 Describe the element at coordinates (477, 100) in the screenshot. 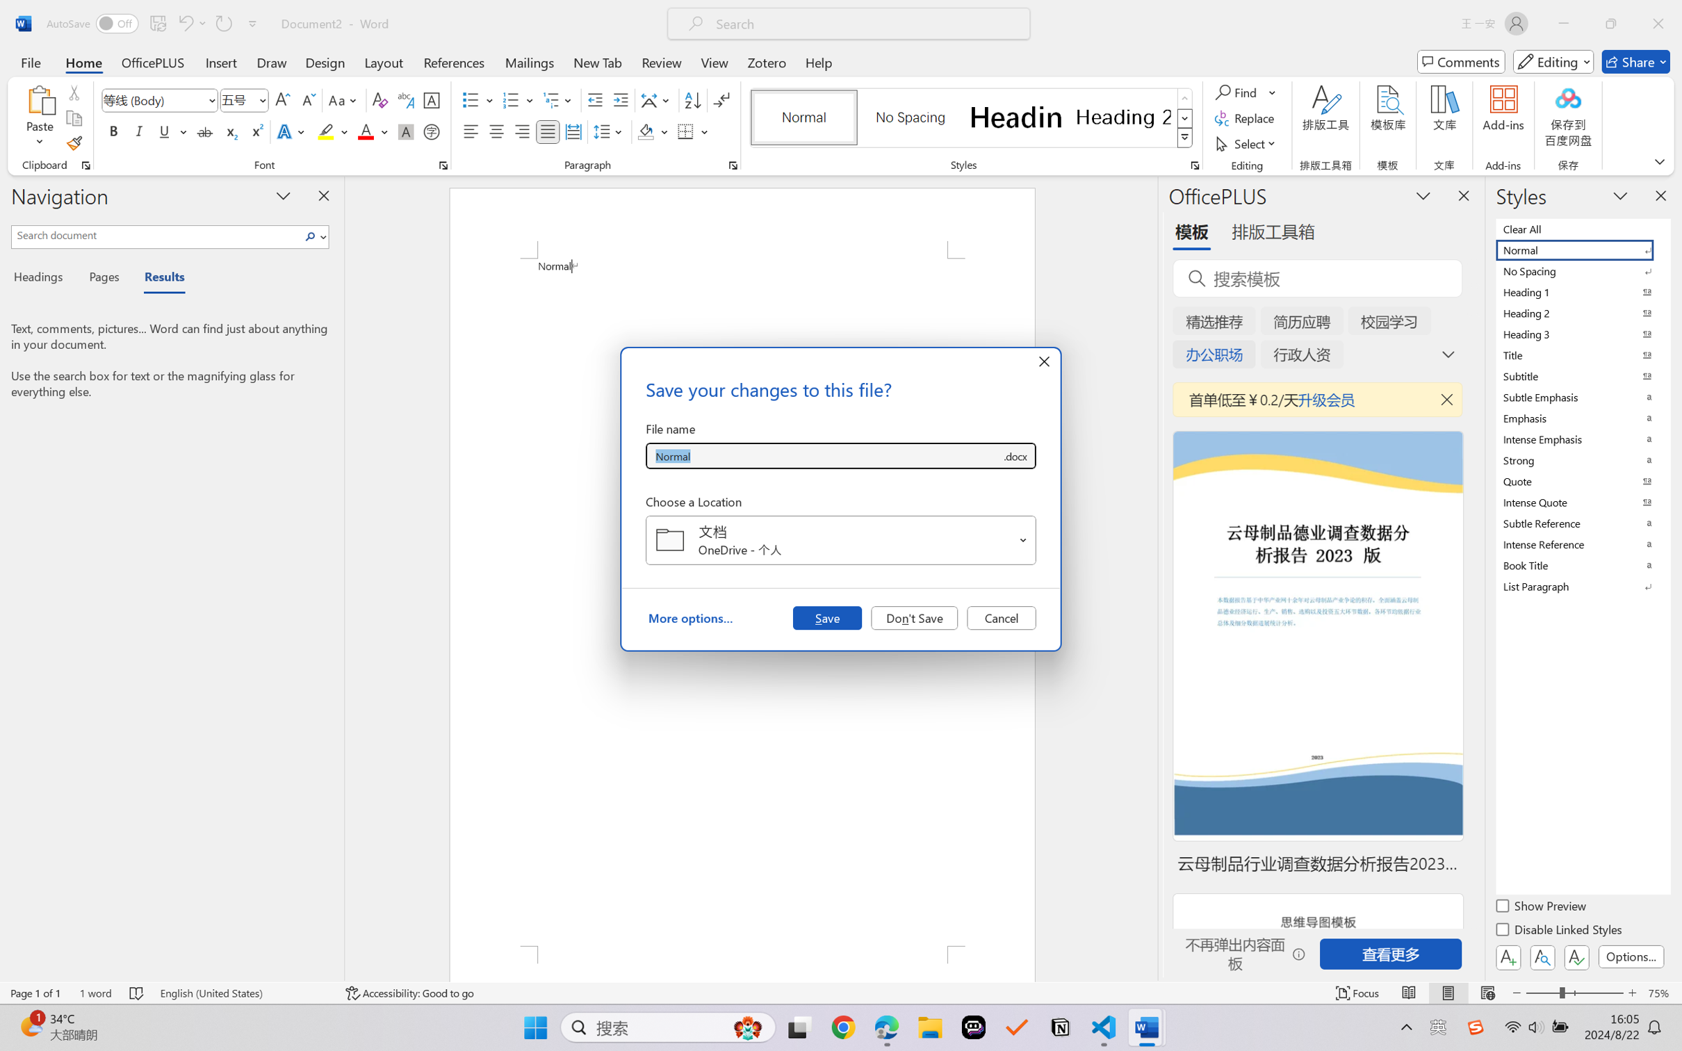

I see `'Bullets'` at that location.